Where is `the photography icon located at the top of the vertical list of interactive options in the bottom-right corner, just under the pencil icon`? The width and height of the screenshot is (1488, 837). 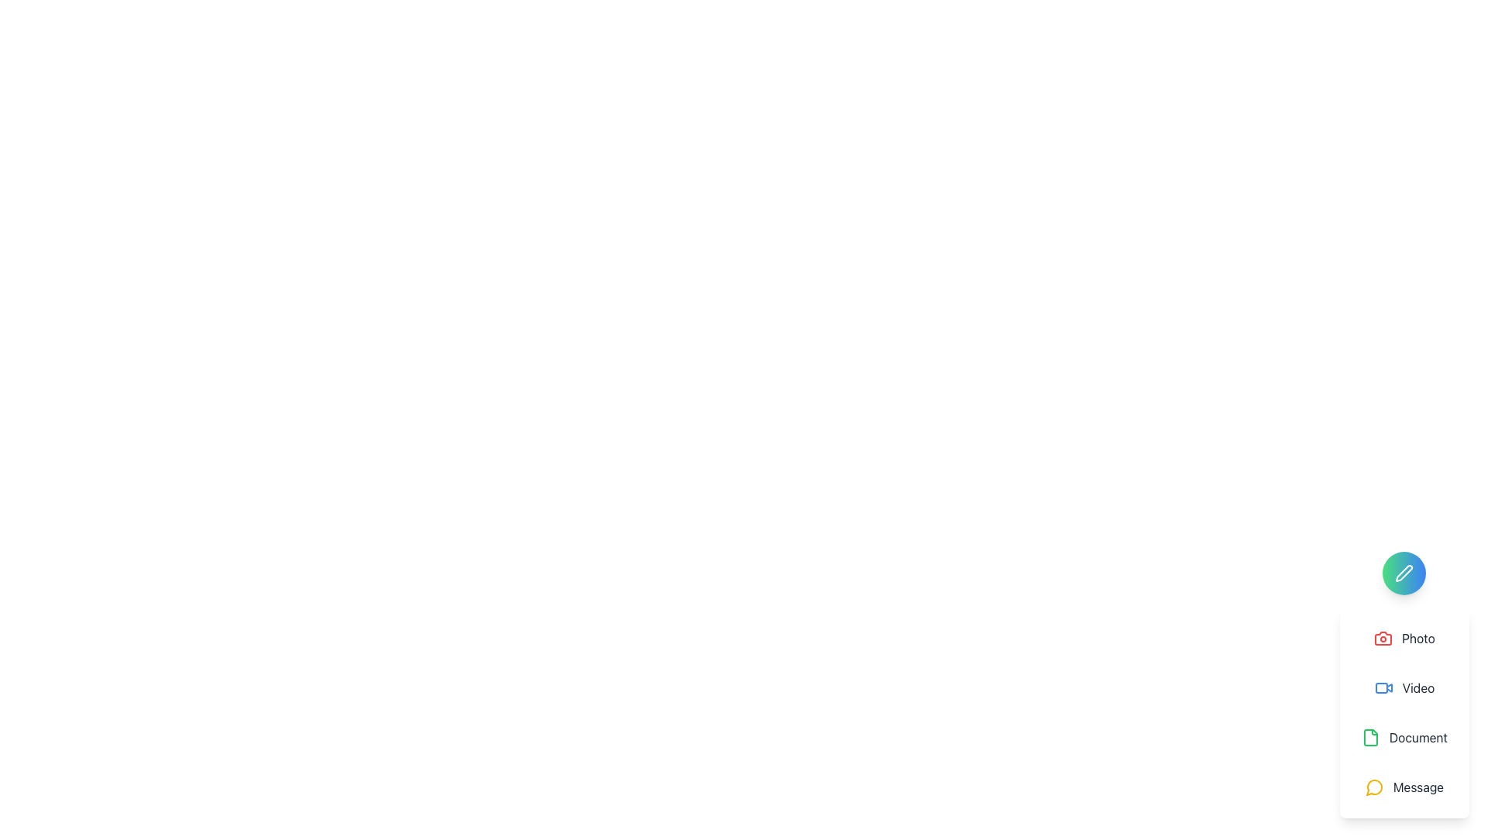 the photography icon located at the top of the vertical list of interactive options in the bottom-right corner, just under the pencil icon is located at coordinates (1383, 639).